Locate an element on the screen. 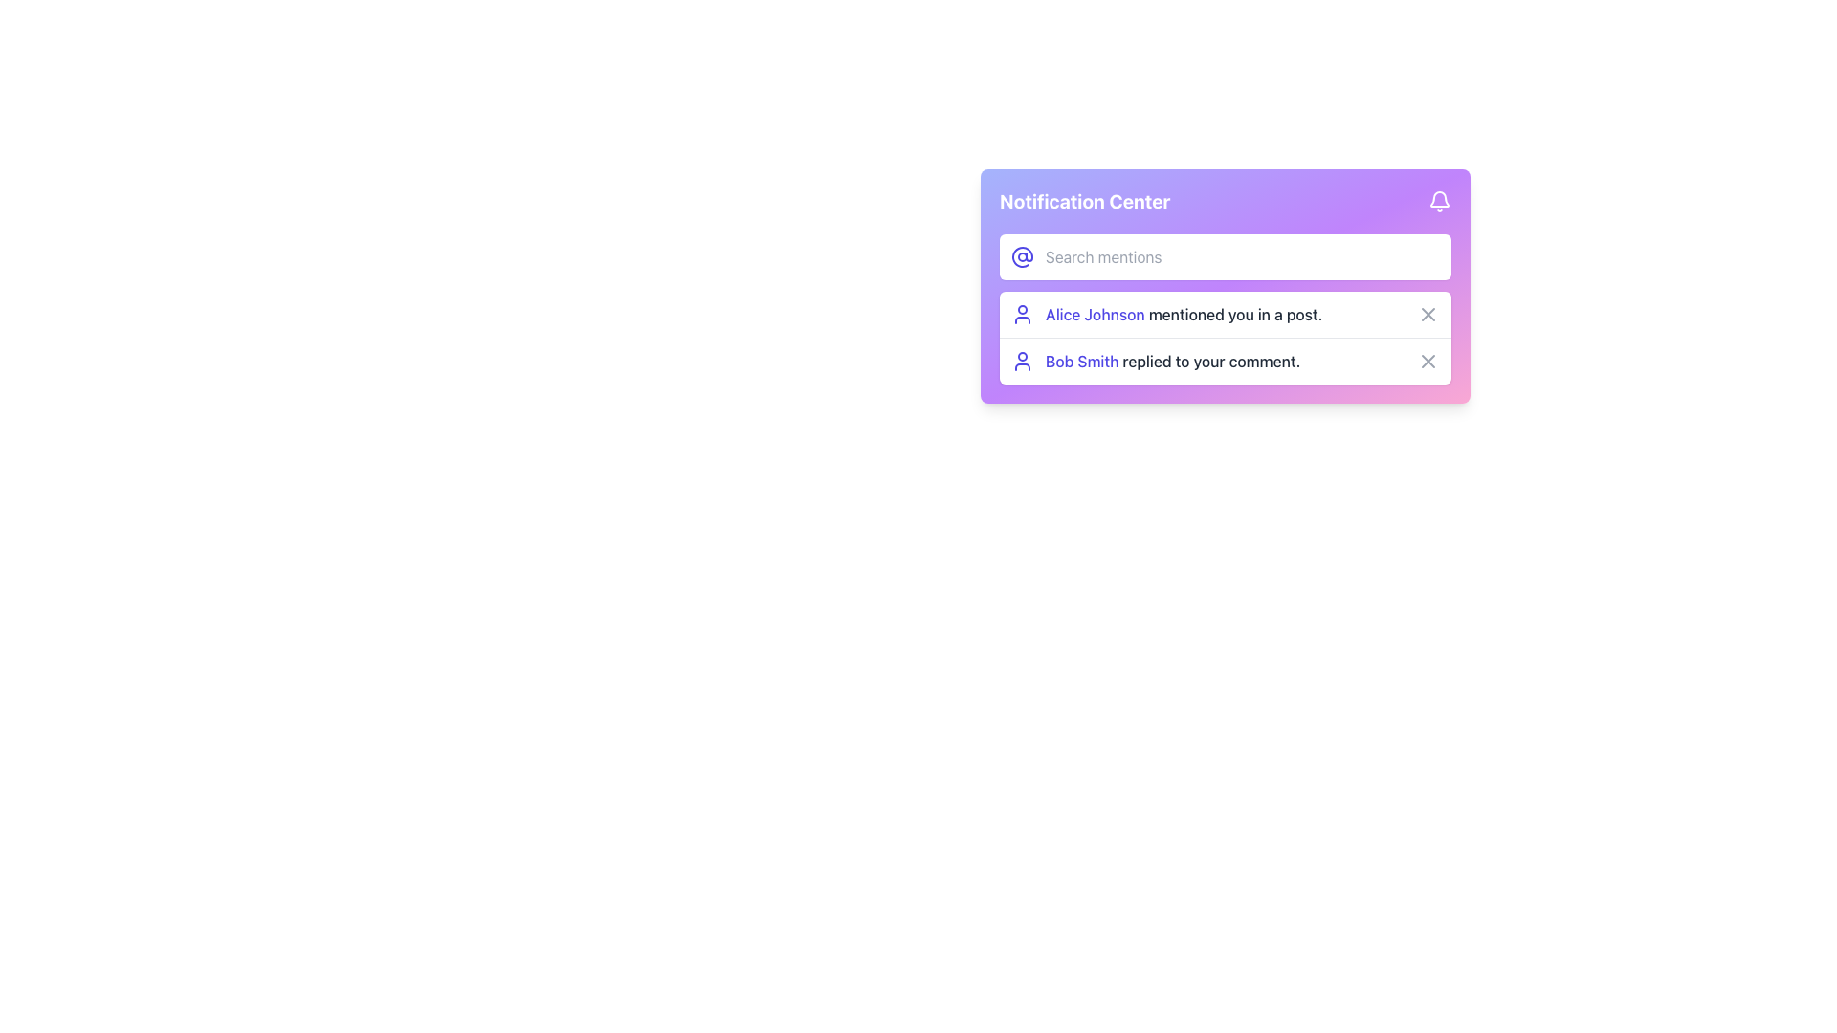 This screenshot has height=1033, width=1837. the dismiss 'X' button located at the top right of the notification block that contains the text 'Alice Johnson mentioned you in a post.' is located at coordinates (1428, 313).